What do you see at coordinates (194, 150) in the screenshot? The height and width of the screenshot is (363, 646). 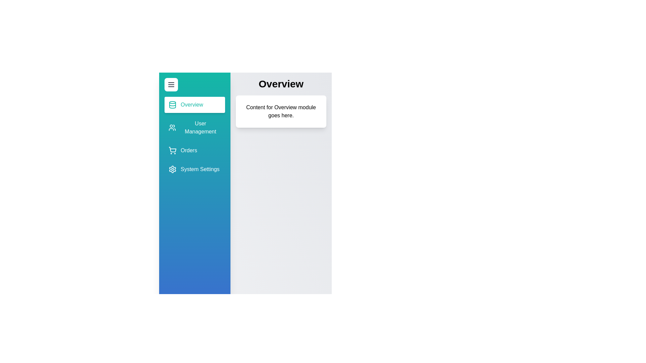 I see `the sidebar item corresponding to Orders` at bounding box center [194, 150].